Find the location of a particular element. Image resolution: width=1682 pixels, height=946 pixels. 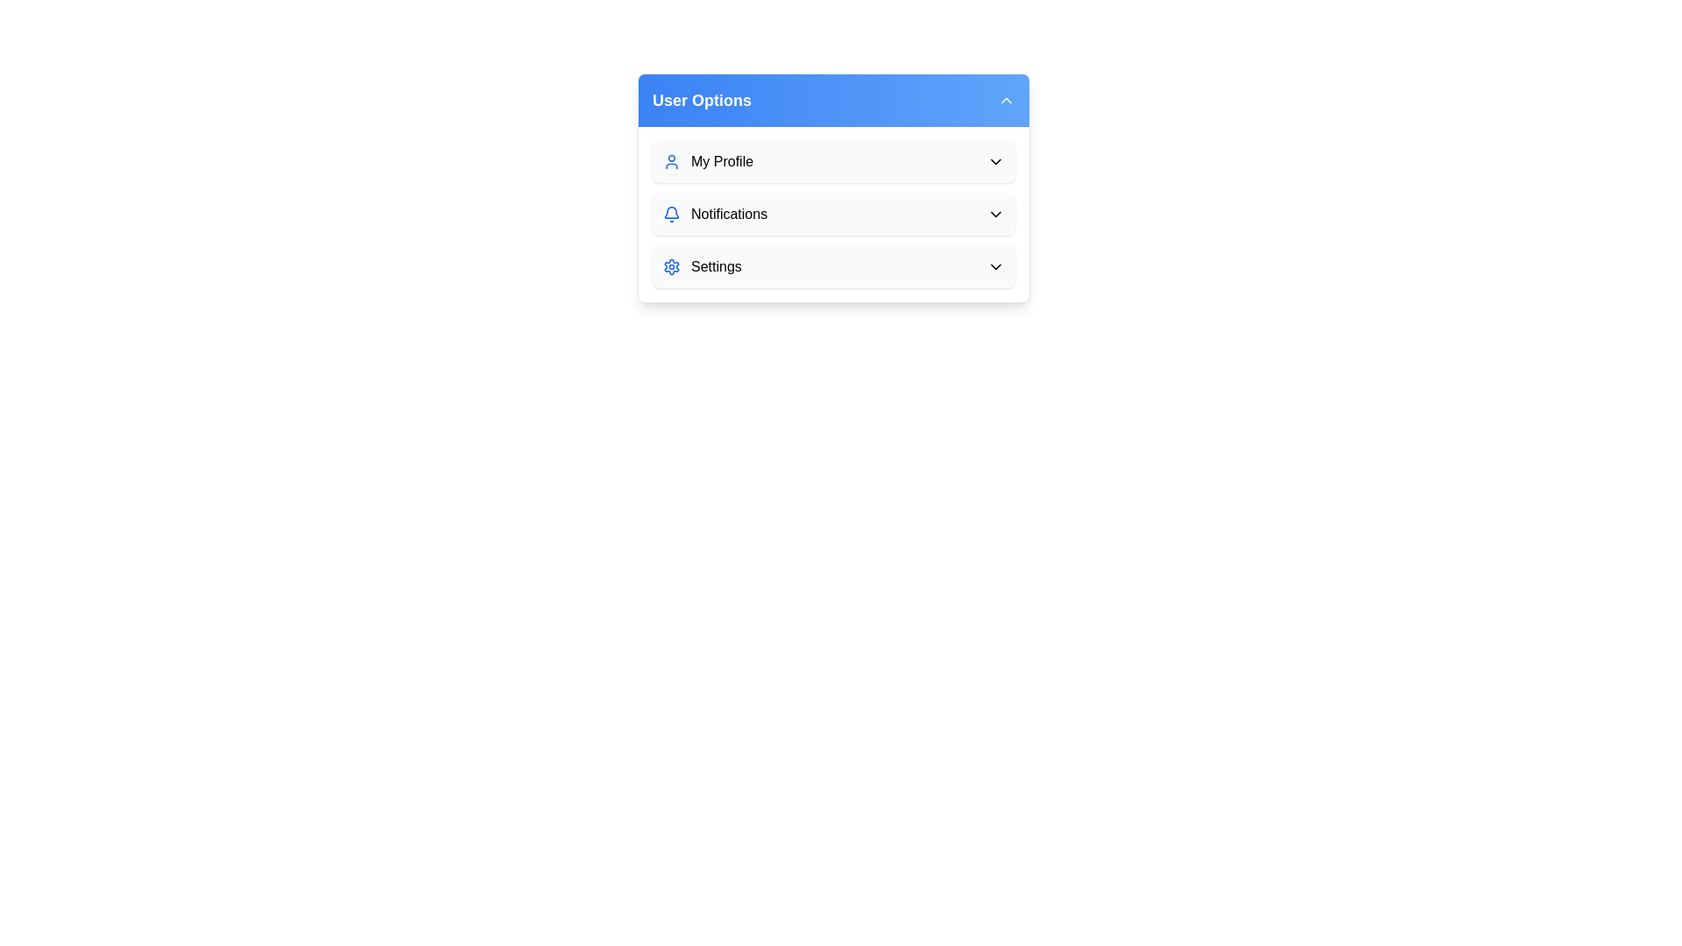

the 'User Options' text label, which is styled in bold with white text on a blue gradient background, located at the top-left corner of a dropdown menu is located at coordinates (702, 101).